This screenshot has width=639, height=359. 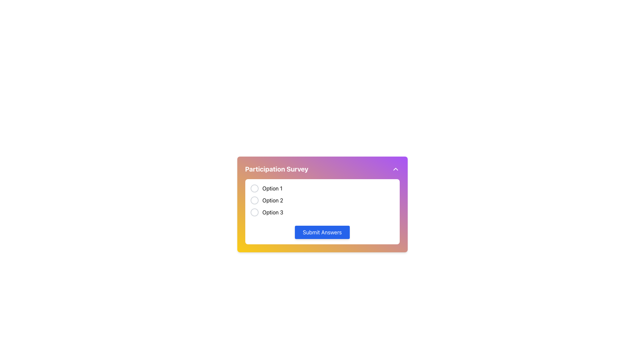 I want to click on the circular radio button located to the left of the text 'Option 1' in the participation survey panel, so click(x=254, y=188).